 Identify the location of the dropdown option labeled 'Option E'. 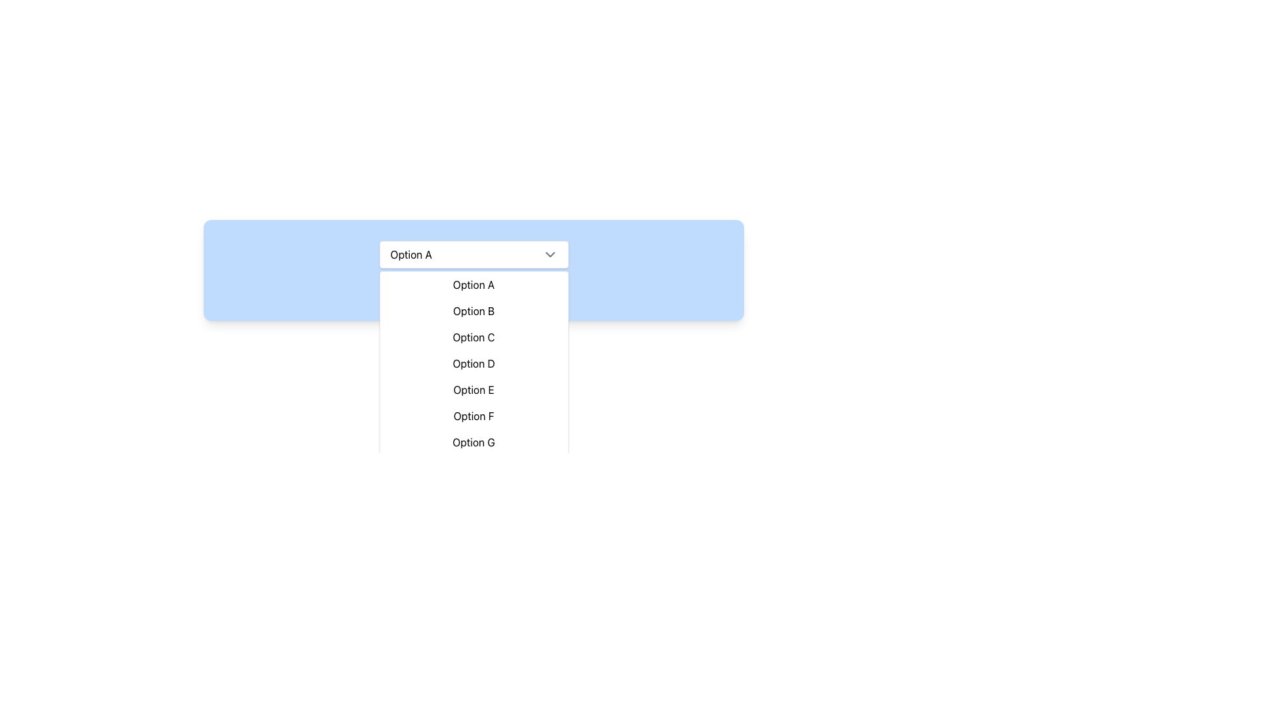
(473, 389).